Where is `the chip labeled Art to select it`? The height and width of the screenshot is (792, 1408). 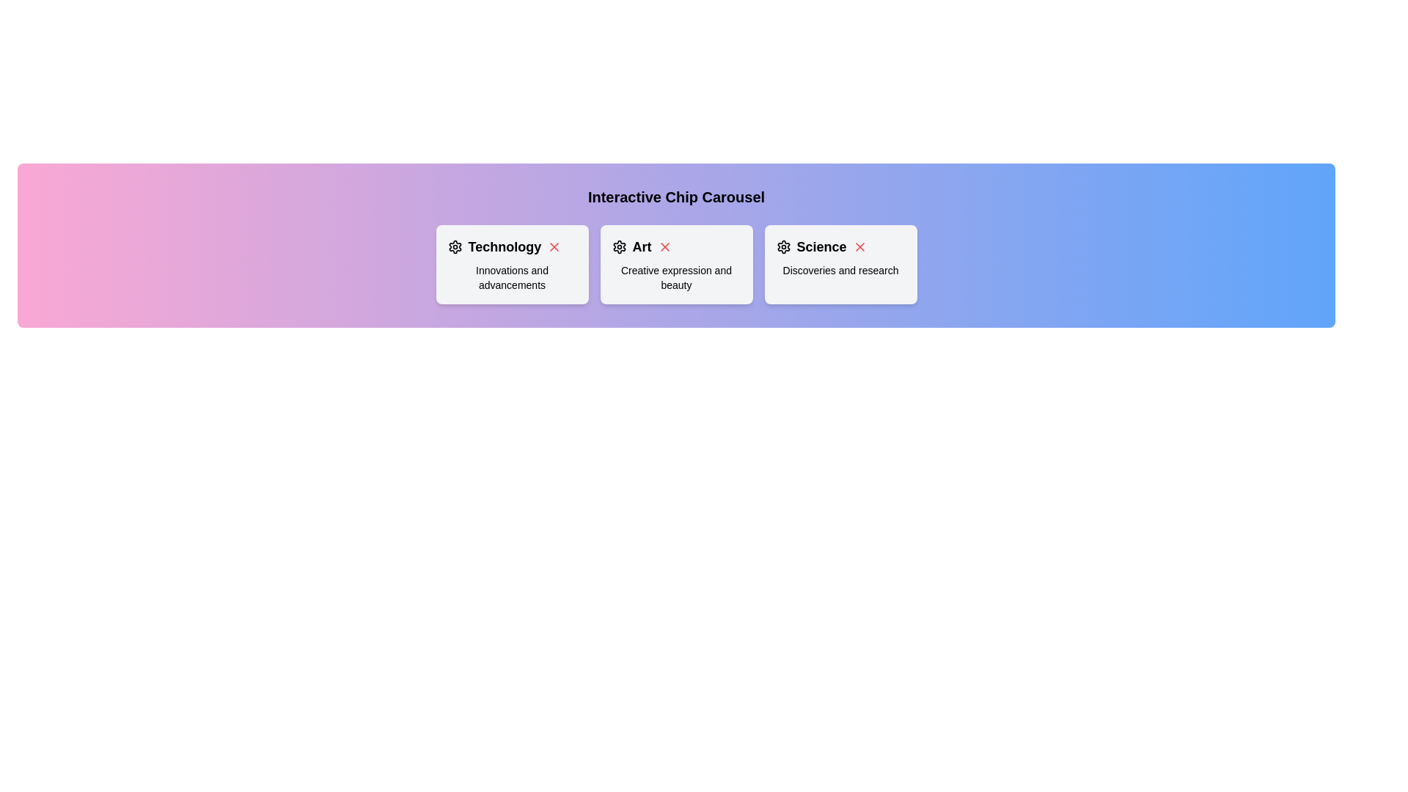
the chip labeled Art to select it is located at coordinates (675, 265).